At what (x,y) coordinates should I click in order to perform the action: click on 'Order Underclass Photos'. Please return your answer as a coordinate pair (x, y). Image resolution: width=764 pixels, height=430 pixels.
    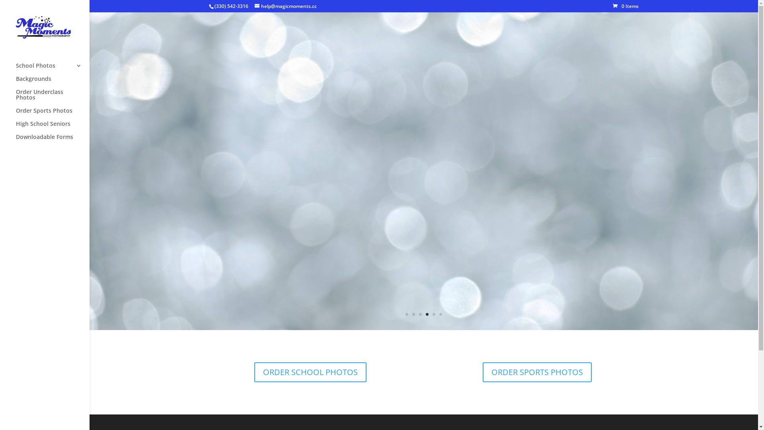
    Looking at the image, I should click on (52, 98).